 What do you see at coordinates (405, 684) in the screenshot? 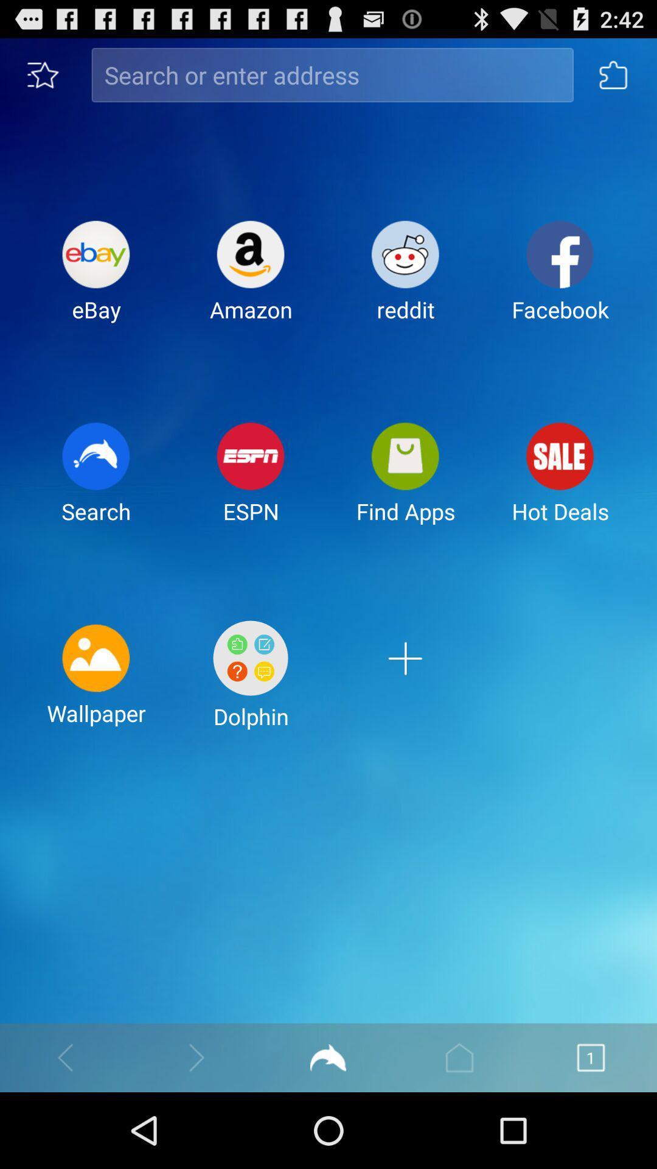
I see `new app` at bounding box center [405, 684].